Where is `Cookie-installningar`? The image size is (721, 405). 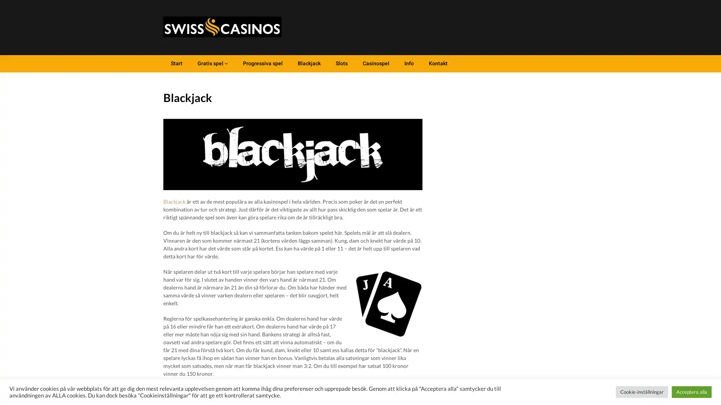
Cookie-installningar is located at coordinates (641, 391).